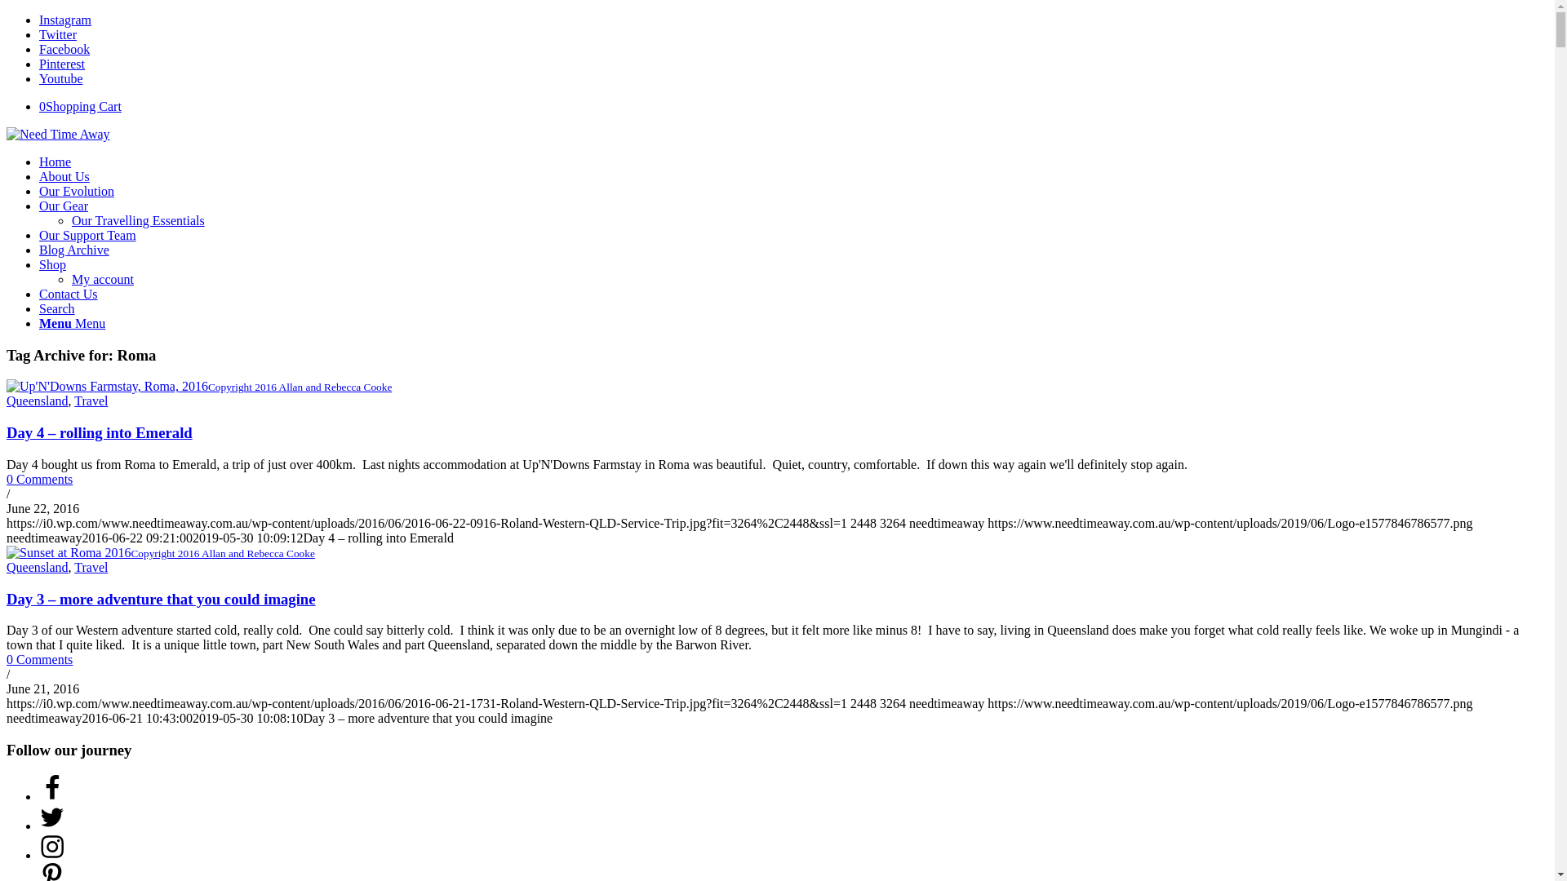 The image size is (1567, 881). I want to click on 'Facebook', so click(39, 48).